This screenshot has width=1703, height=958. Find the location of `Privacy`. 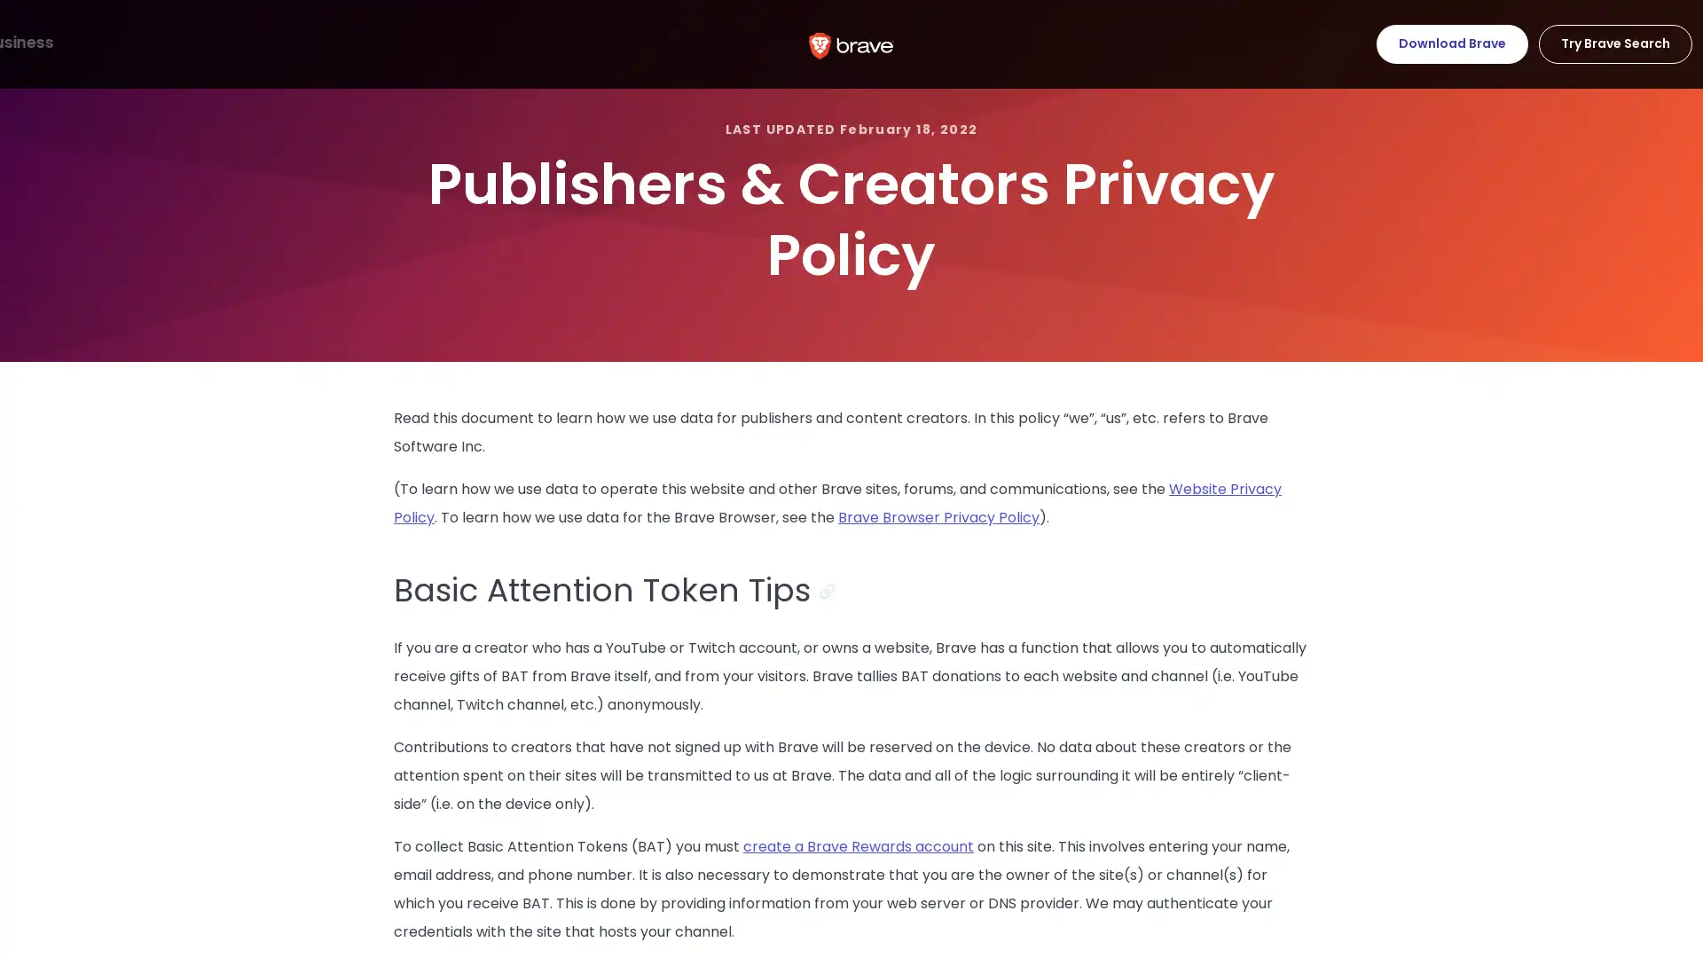

Privacy is located at coordinates (229, 43).